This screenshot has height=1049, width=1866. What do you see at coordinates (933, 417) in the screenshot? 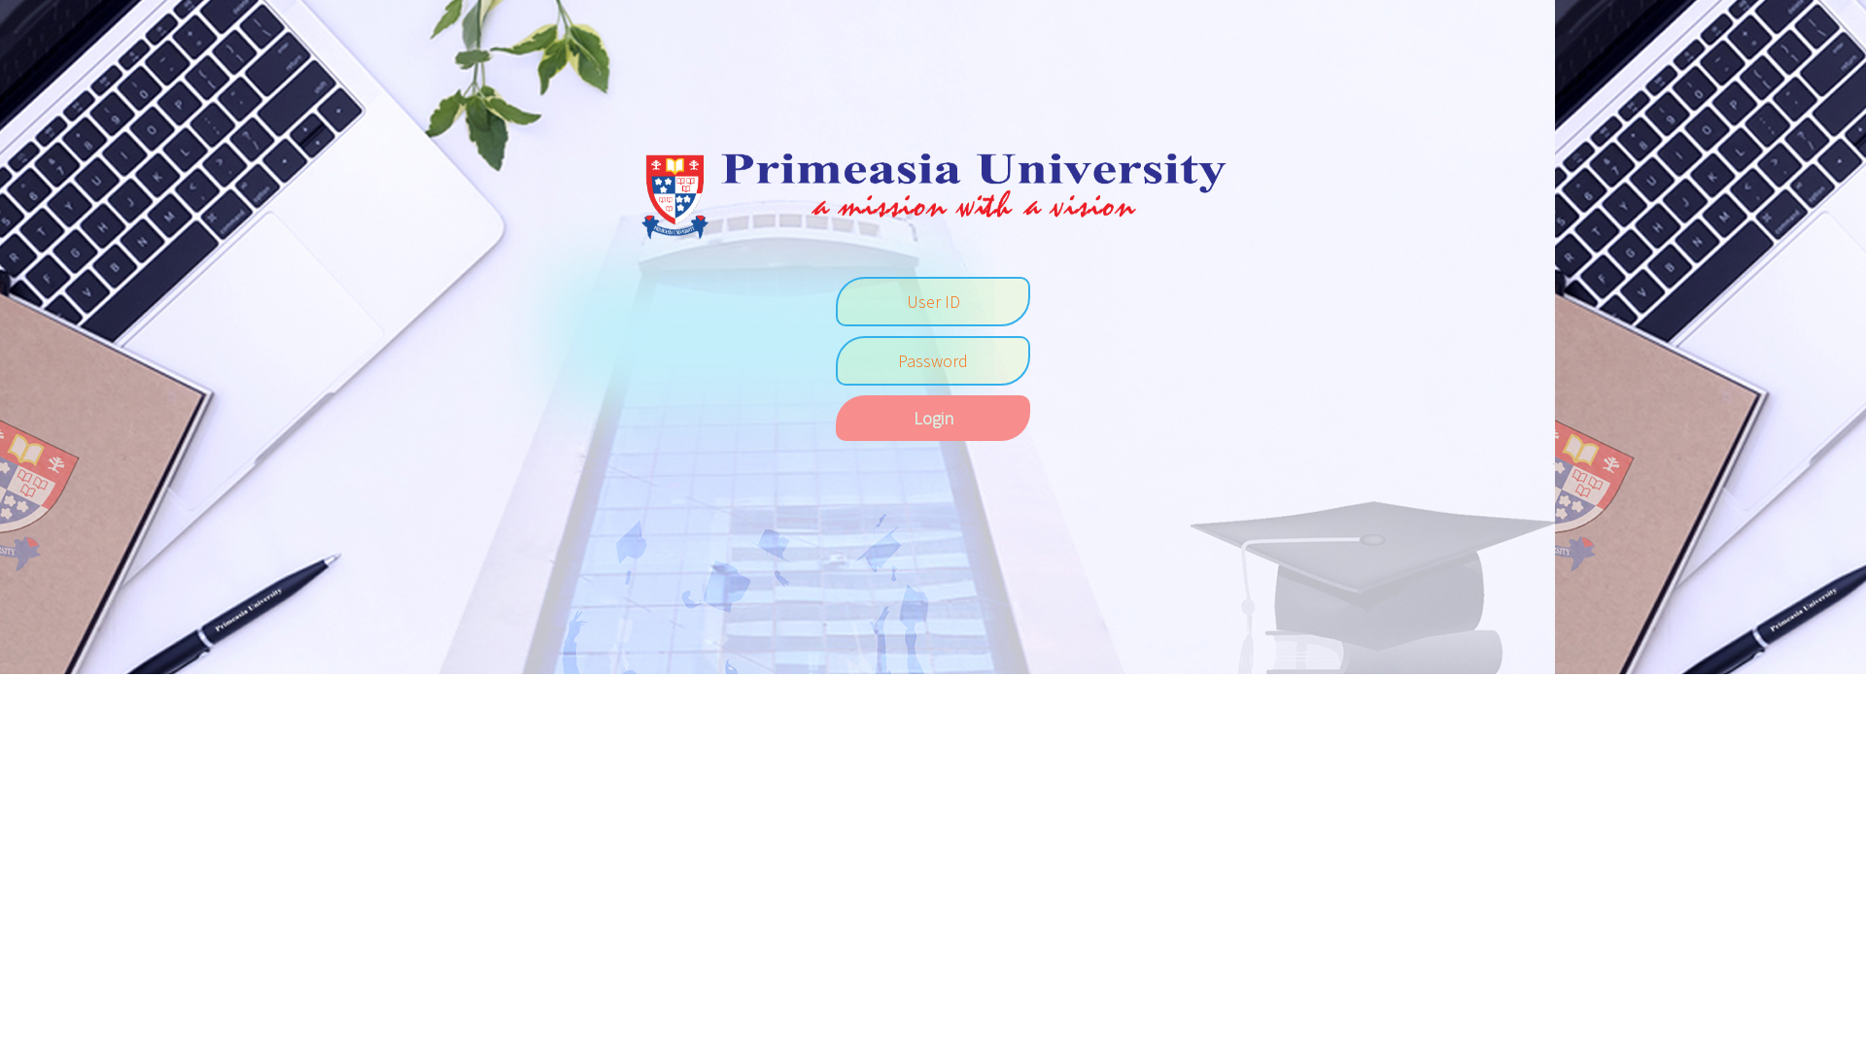
I see `'Login'` at bounding box center [933, 417].